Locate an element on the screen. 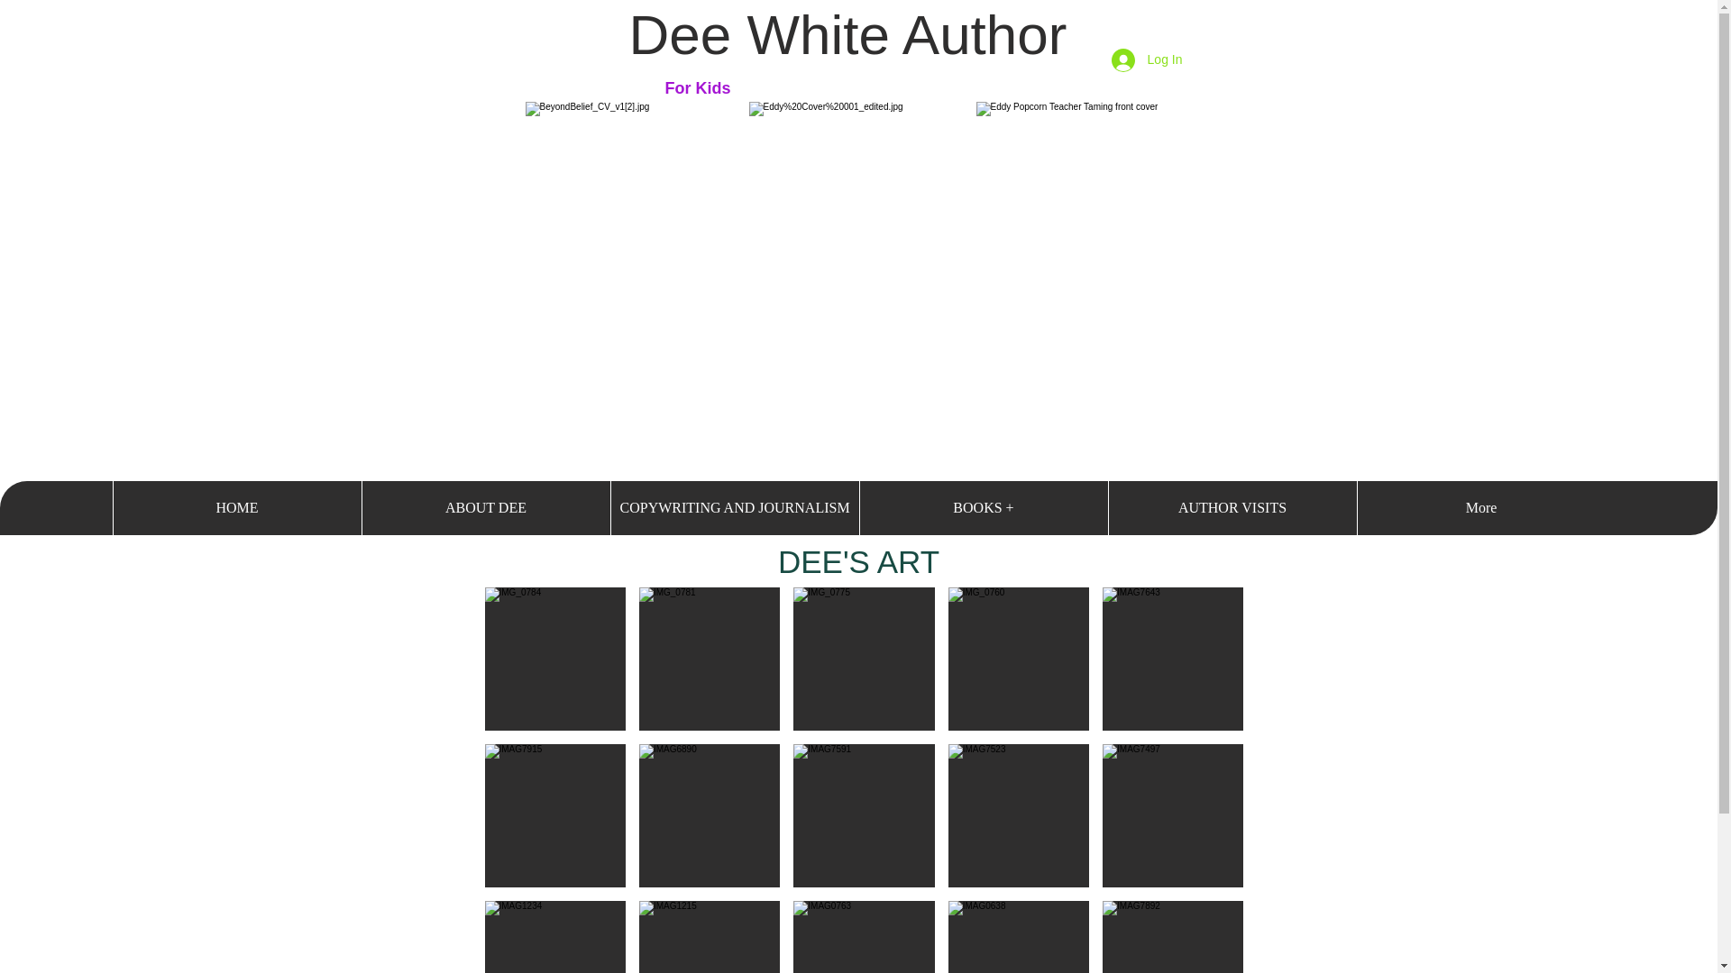 This screenshot has width=1731, height=973. 'BOOKS +' is located at coordinates (981, 507).